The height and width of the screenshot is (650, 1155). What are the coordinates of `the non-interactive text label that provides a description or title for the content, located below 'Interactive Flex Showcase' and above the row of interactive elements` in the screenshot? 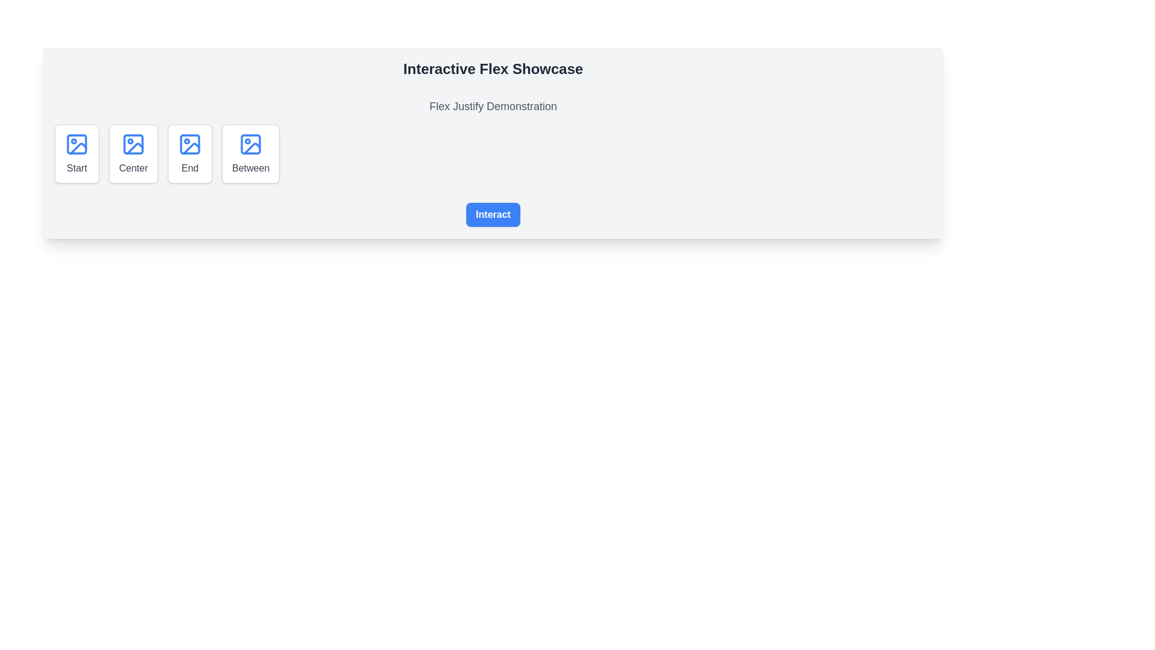 It's located at (493, 106).